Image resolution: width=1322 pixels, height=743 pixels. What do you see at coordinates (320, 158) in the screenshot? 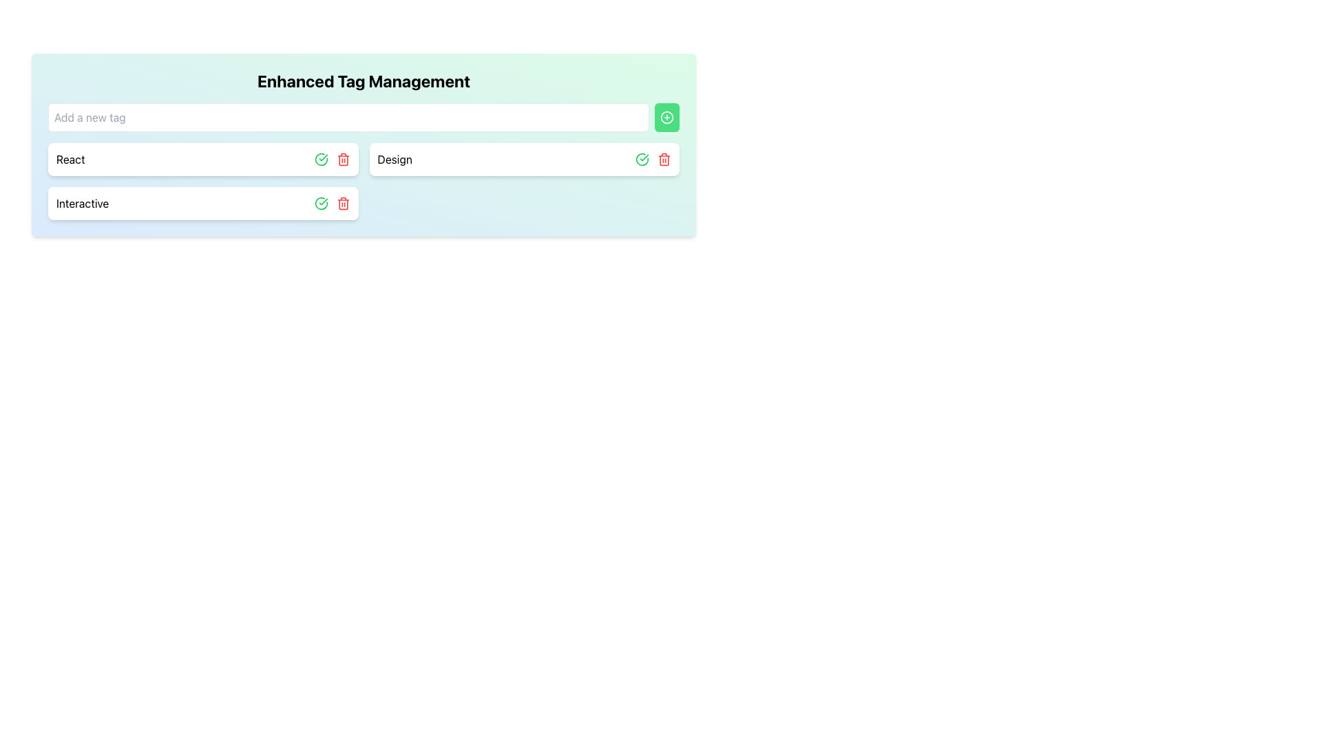
I see `the check icon that indicates approval in the 'Enhanced Tag Management' UI, located next to the 'React' text` at bounding box center [320, 158].